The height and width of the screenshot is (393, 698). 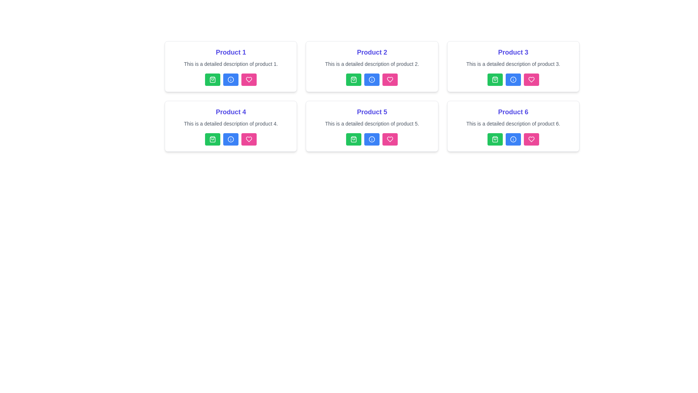 I want to click on the middle button located at the bottom of the card for 'Product 5', so click(x=372, y=139).